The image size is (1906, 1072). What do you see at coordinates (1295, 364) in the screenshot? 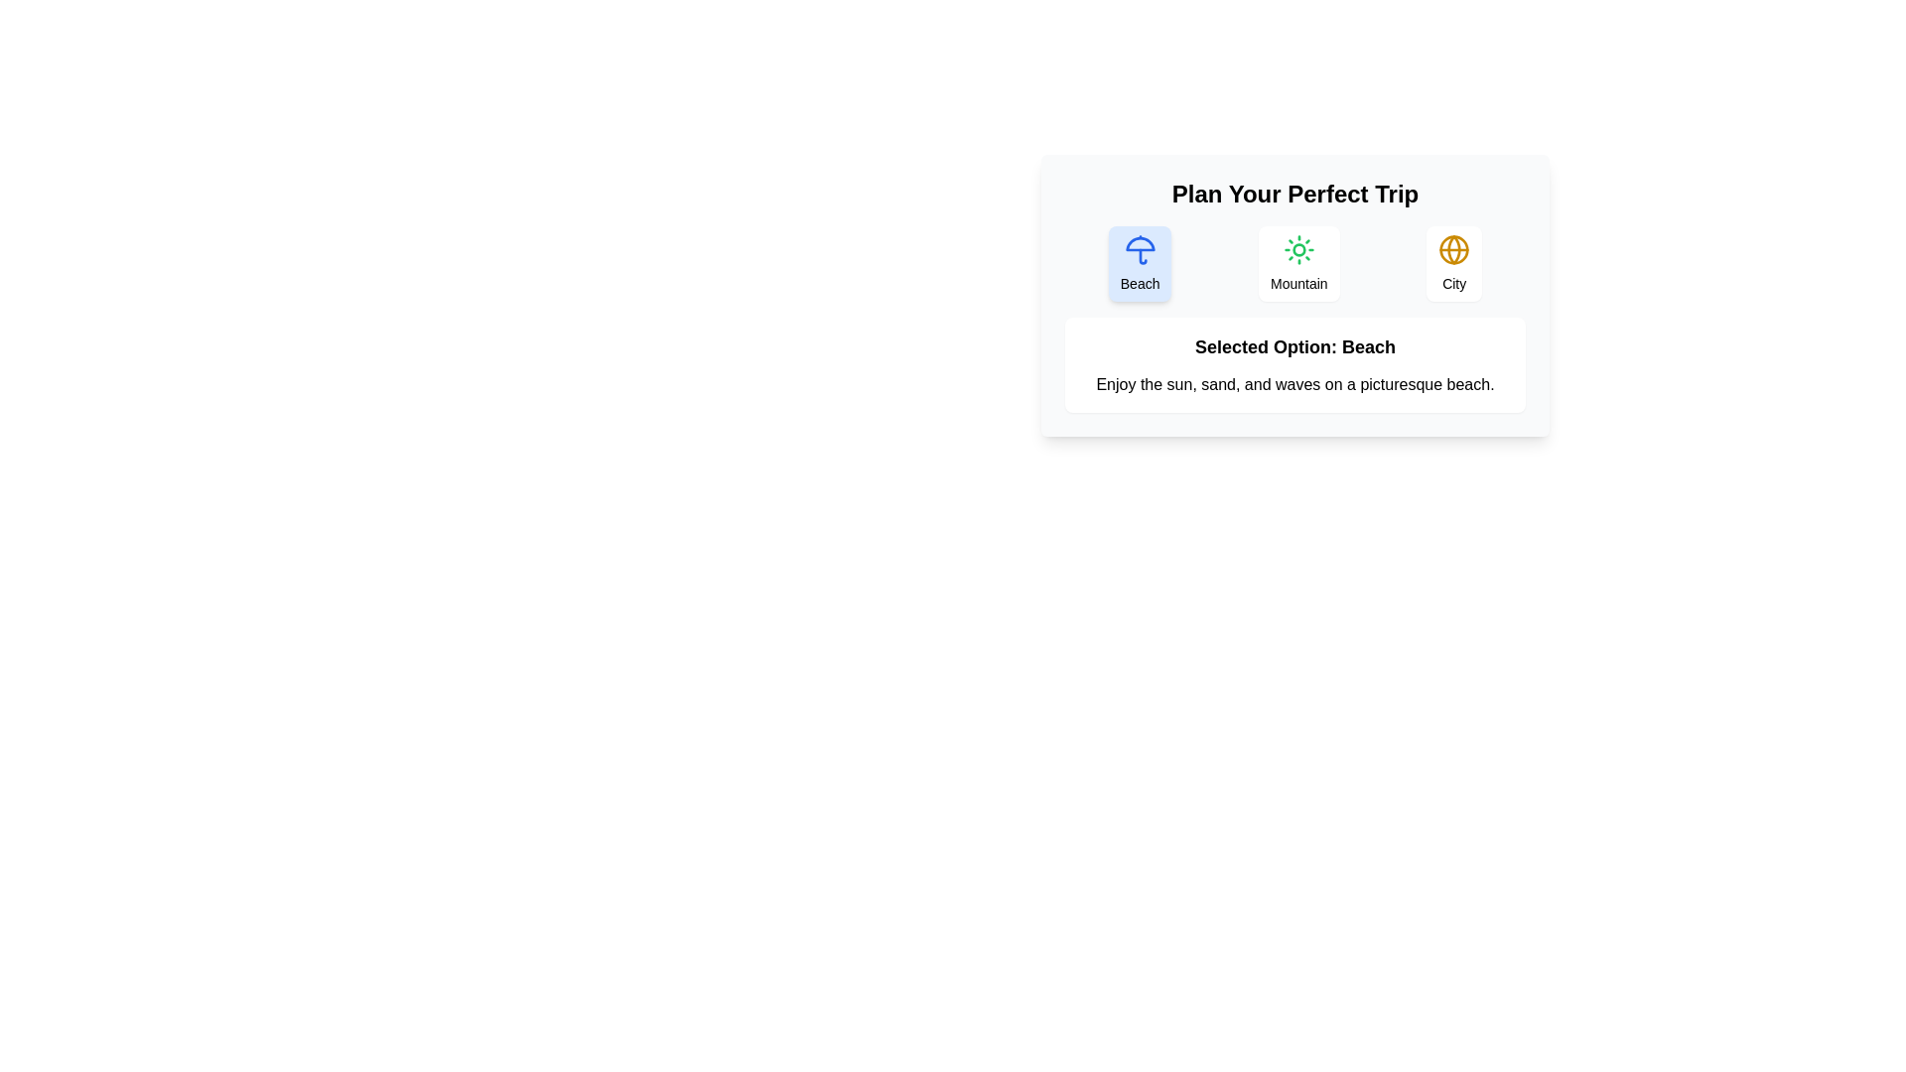
I see `the informational panel that displays the selected option 'Beach' and its description 'Enjoy the sun, sand, and waves on a picturesque beach.'` at bounding box center [1295, 364].